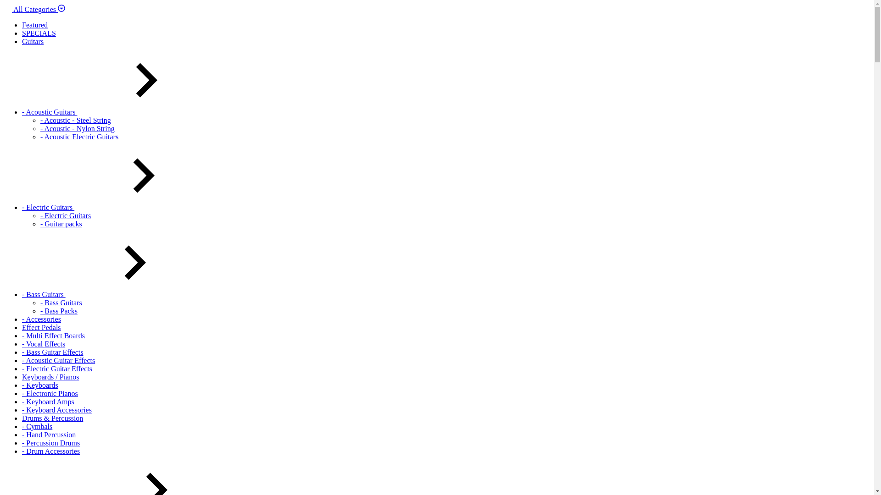 This screenshot has height=495, width=881. I want to click on '- Keyboard Amps', so click(22, 401).